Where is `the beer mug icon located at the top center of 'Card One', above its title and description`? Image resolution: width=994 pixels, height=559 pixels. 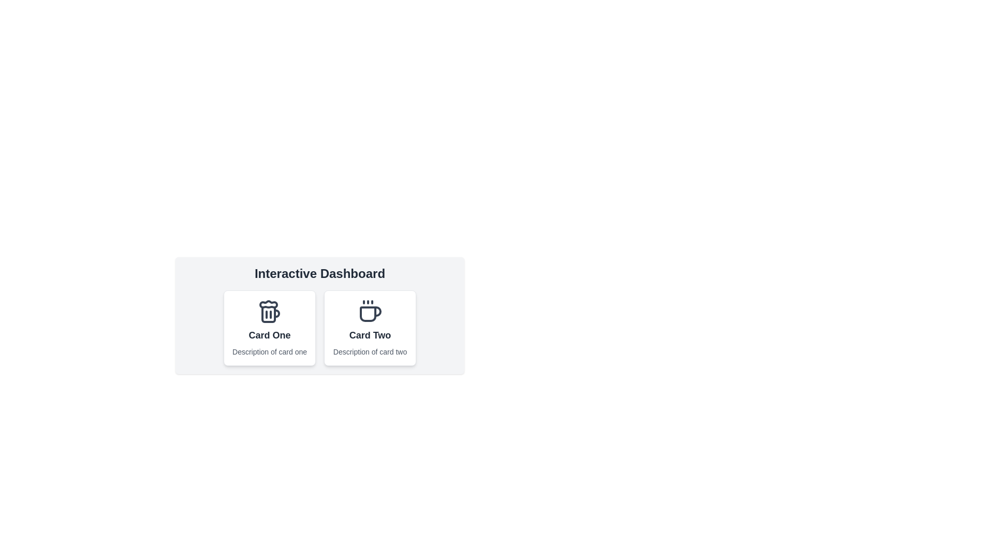 the beer mug icon located at the top center of 'Card One', above its title and description is located at coordinates (270, 311).